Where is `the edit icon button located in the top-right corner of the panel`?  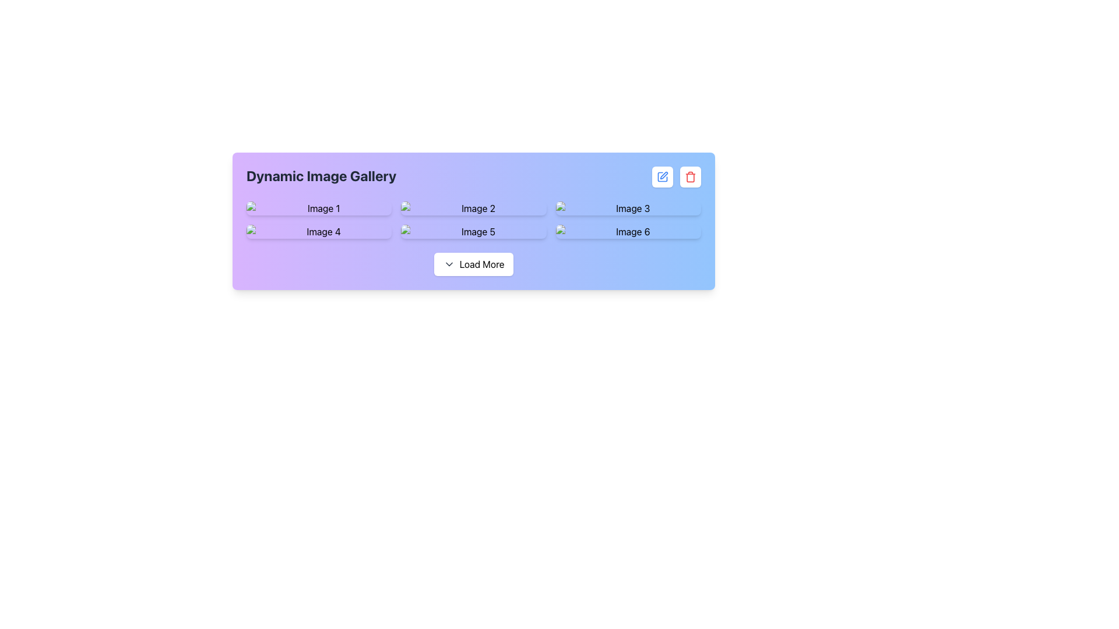
the edit icon button located in the top-right corner of the panel is located at coordinates (663, 177).